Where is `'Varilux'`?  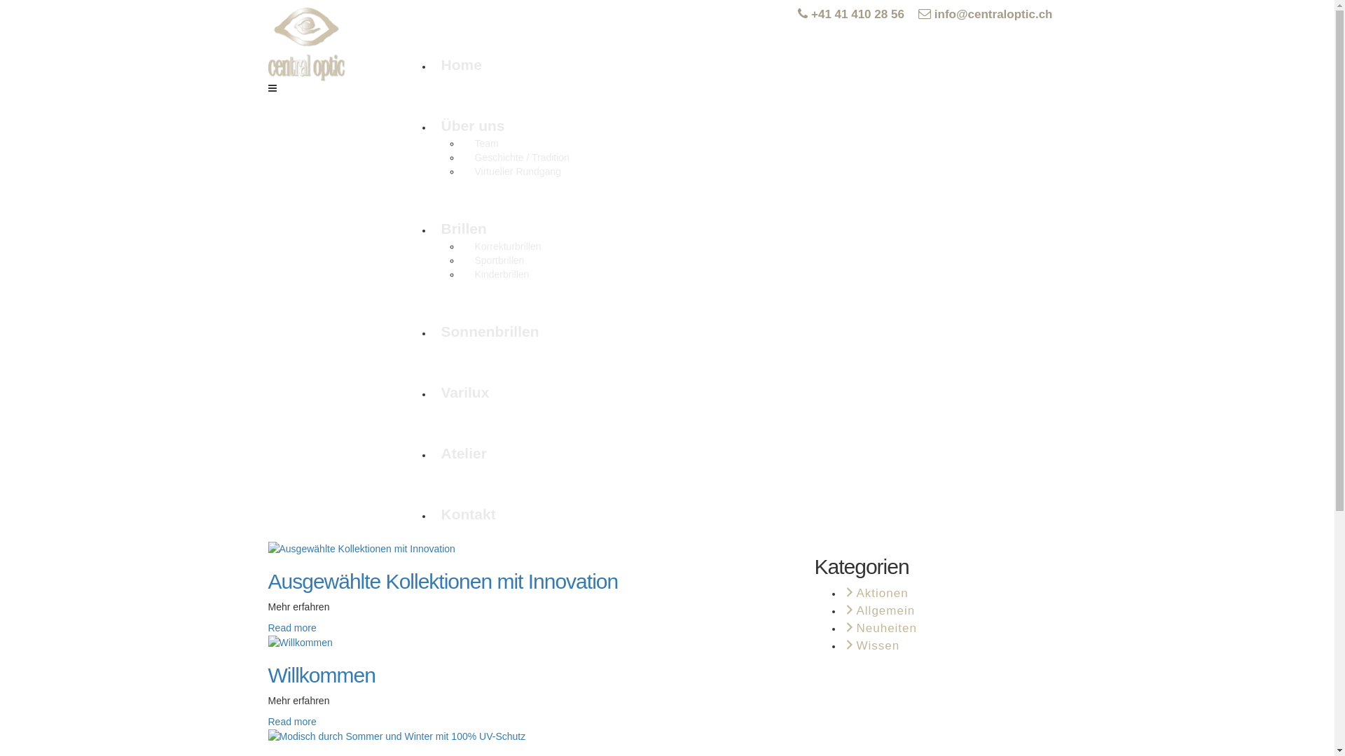 'Varilux' is located at coordinates (465, 392).